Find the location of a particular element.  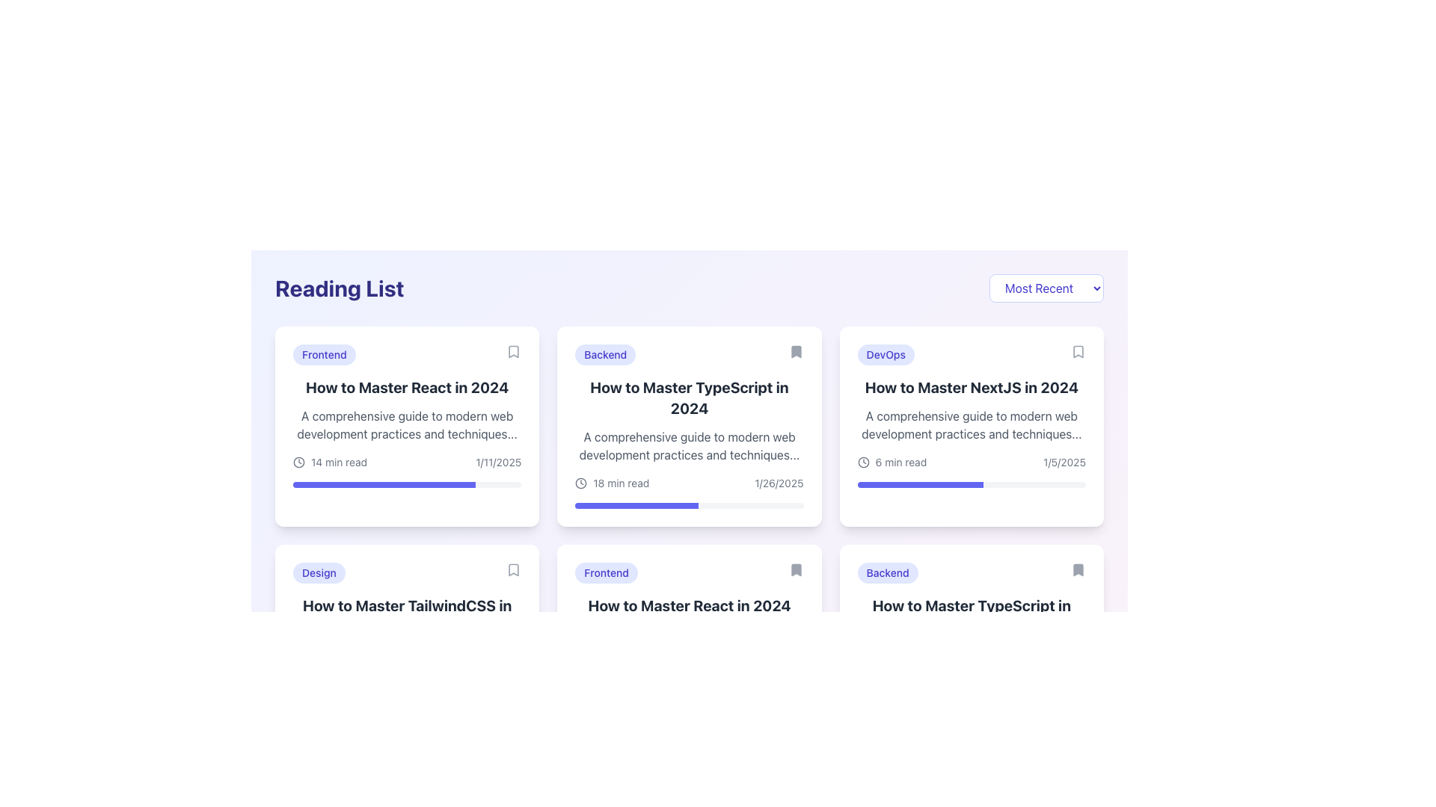

the tag label element with the text 'Backend', which is located in the bottom-right section of the interface, inside the card labeled 'How to Master TypeScript in 2024' is located at coordinates (888, 572).